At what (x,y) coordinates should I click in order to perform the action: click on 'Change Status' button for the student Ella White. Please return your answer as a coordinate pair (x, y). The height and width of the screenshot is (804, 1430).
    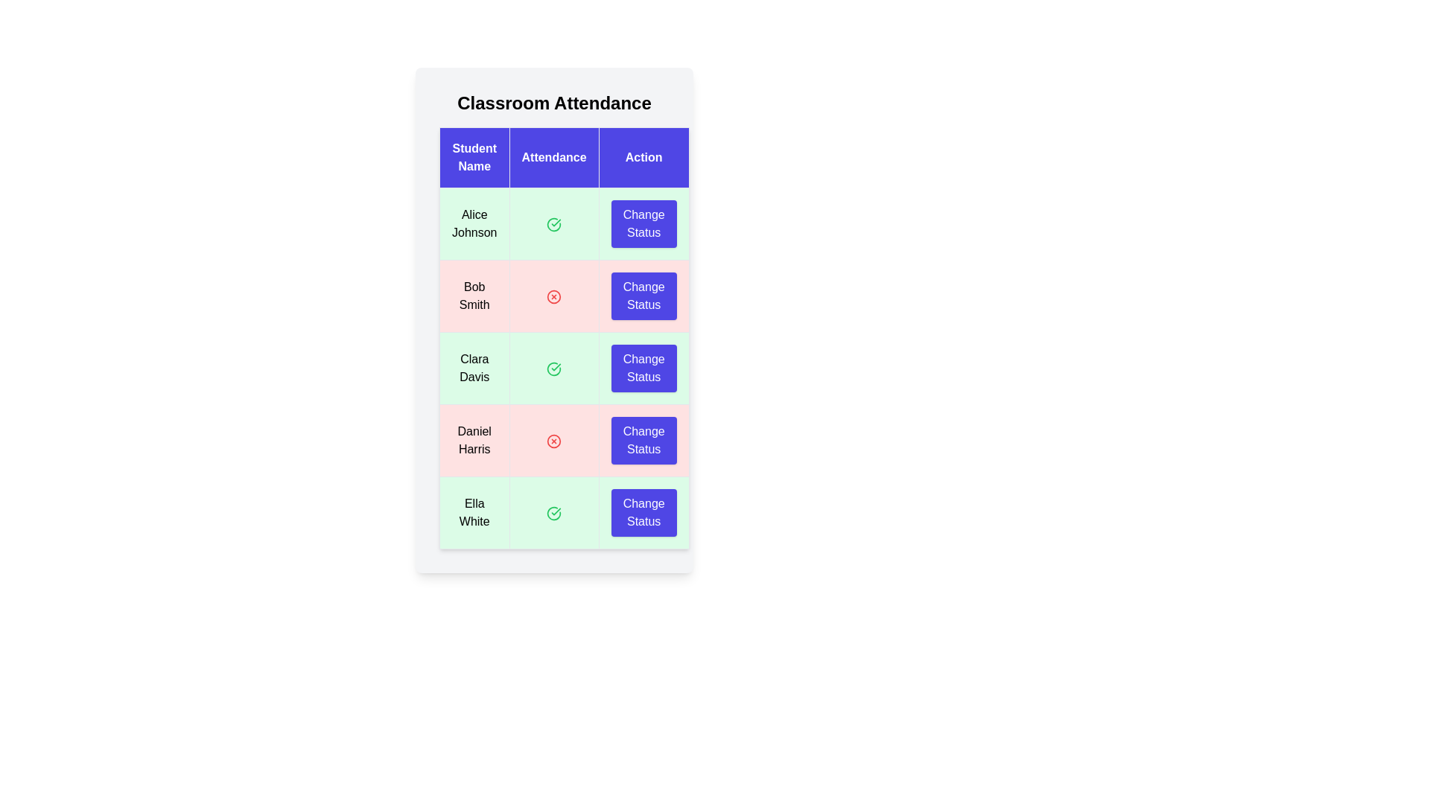
    Looking at the image, I should click on (643, 512).